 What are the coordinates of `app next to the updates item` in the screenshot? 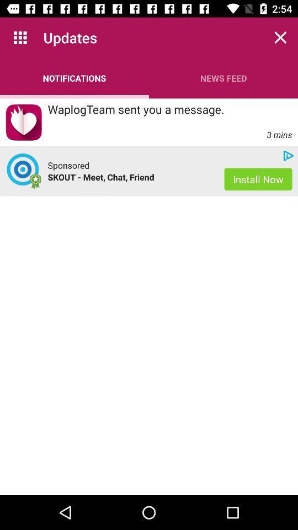 It's located at (20, 38).